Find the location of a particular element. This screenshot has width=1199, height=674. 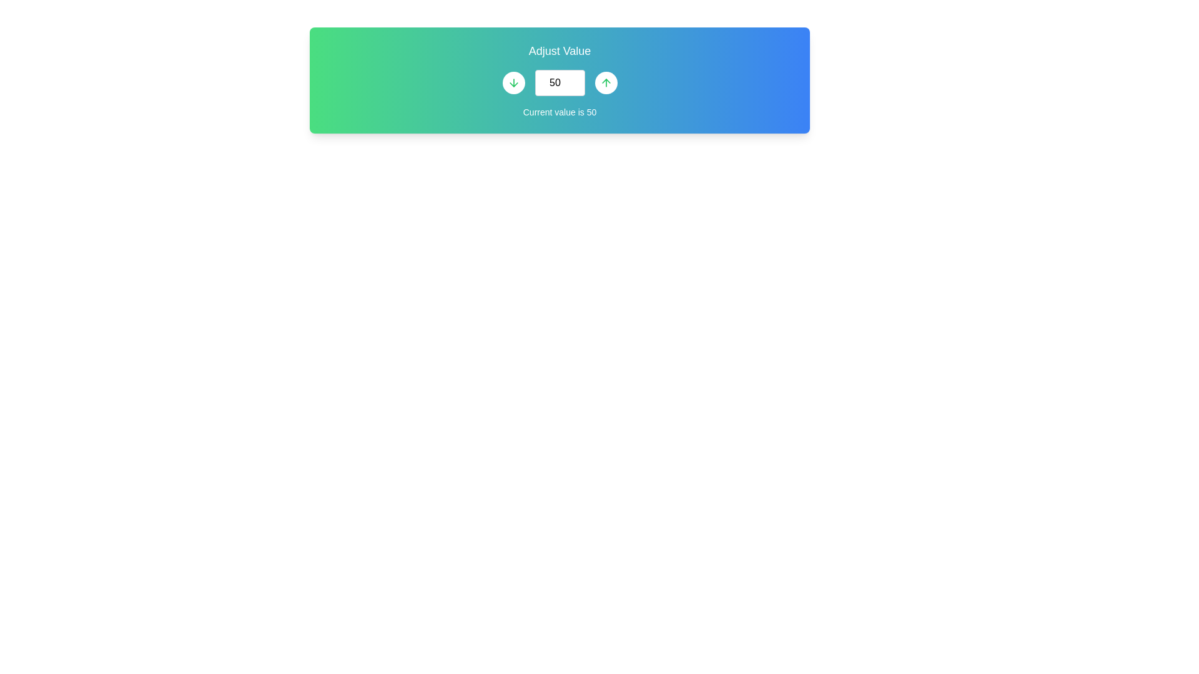

the green downward arrow button located to the right of the text field displaying '50' to decrement the value is located at coordinates (513, 82).